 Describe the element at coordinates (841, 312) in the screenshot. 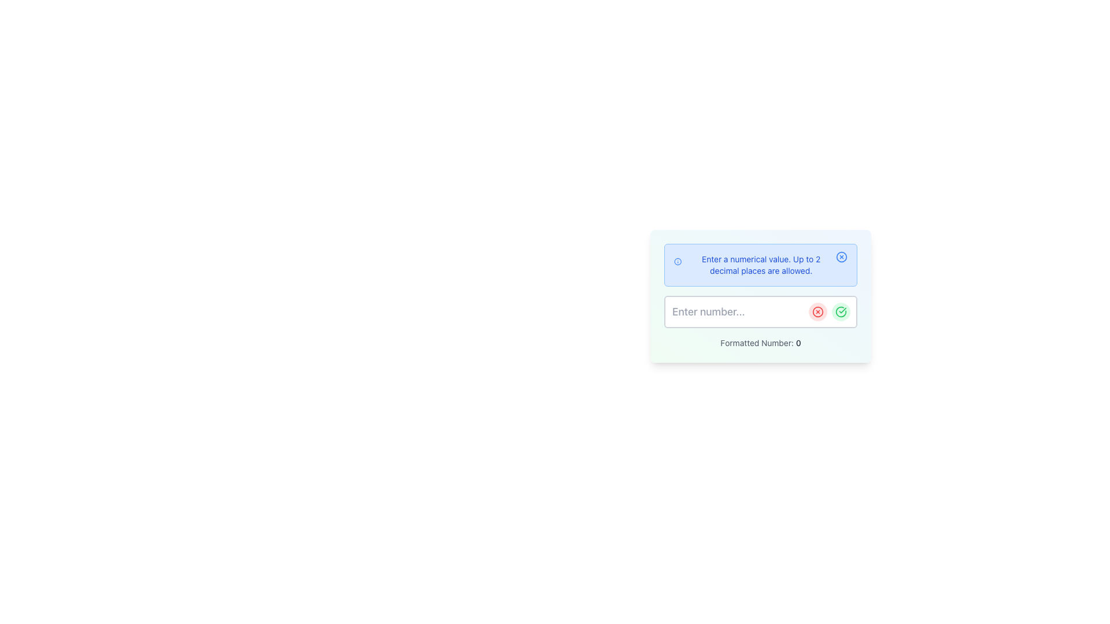

I see `the circular green checkmark icon located to the right of the input box labeled 'Enter number...'` at that location.